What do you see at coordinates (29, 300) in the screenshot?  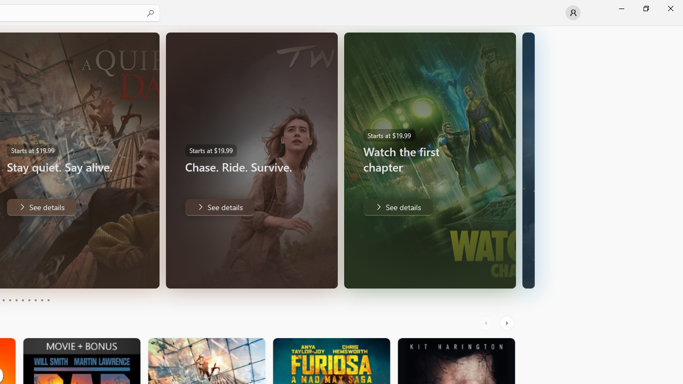 I see `'Page 7'` at bounding box center [29, 300].